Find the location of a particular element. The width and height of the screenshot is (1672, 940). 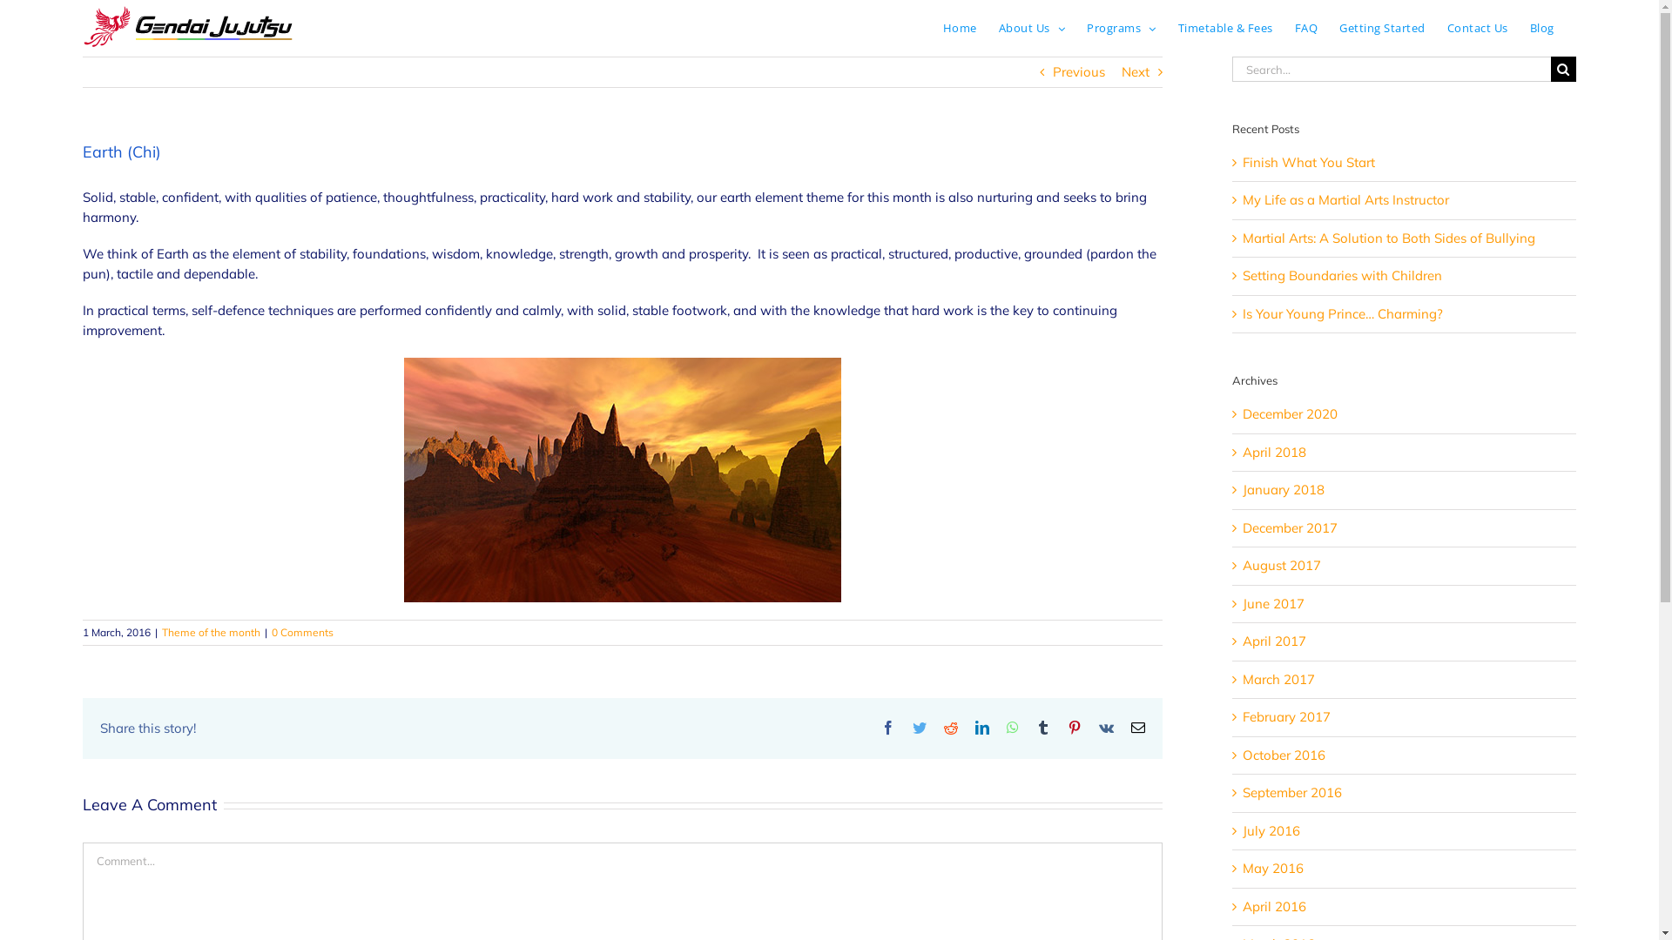

'April 2017' is located at coordinates (1274, 641).